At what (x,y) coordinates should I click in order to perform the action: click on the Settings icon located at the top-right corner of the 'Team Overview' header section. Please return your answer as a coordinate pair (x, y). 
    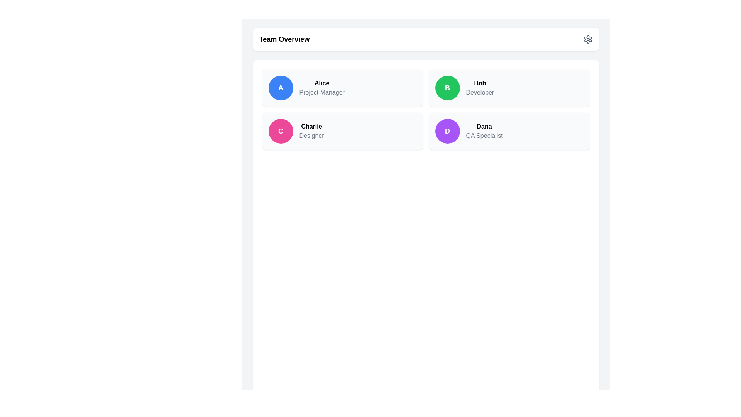
    Looking at the image, I should click on (587, 39).